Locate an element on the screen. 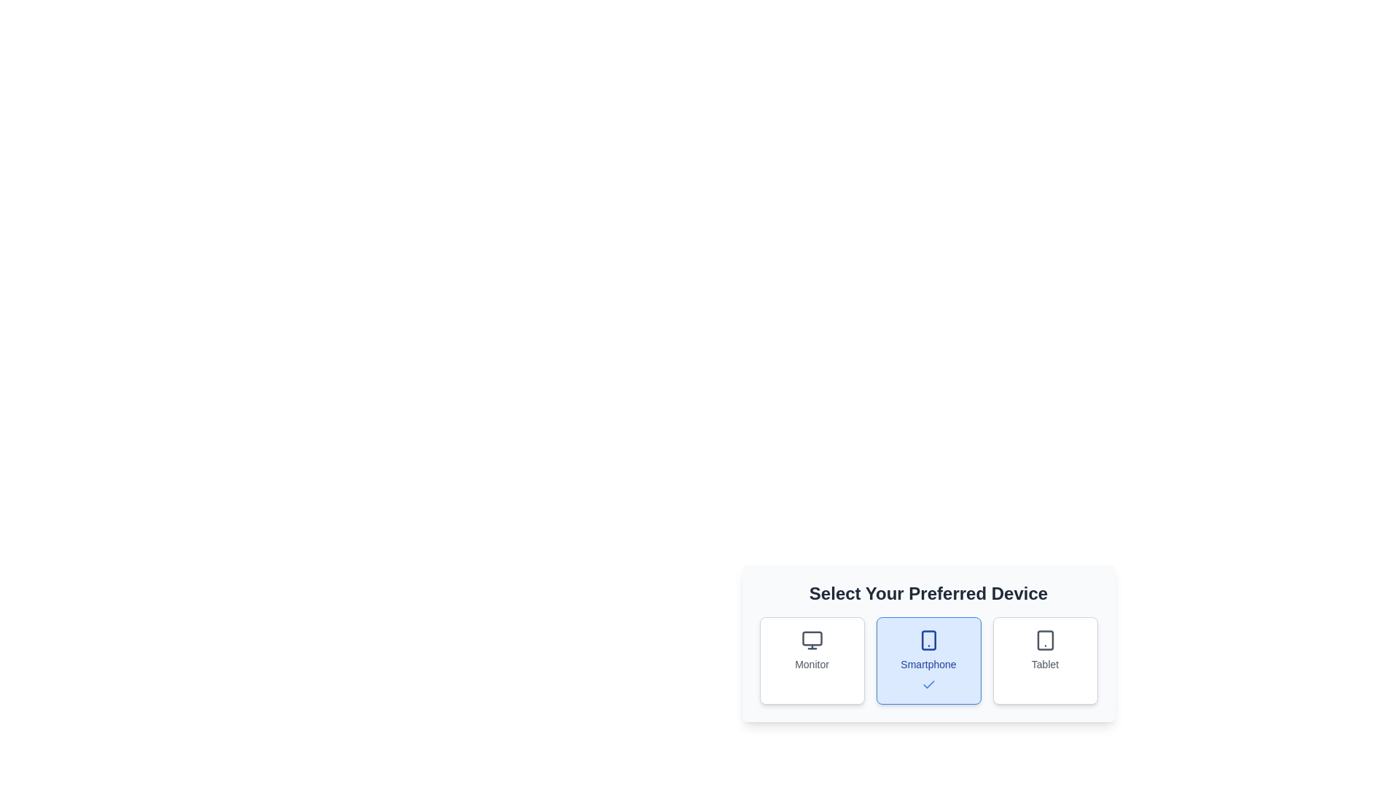  the smartphone icon in the device preference interface is located at coordinates (928, 640).